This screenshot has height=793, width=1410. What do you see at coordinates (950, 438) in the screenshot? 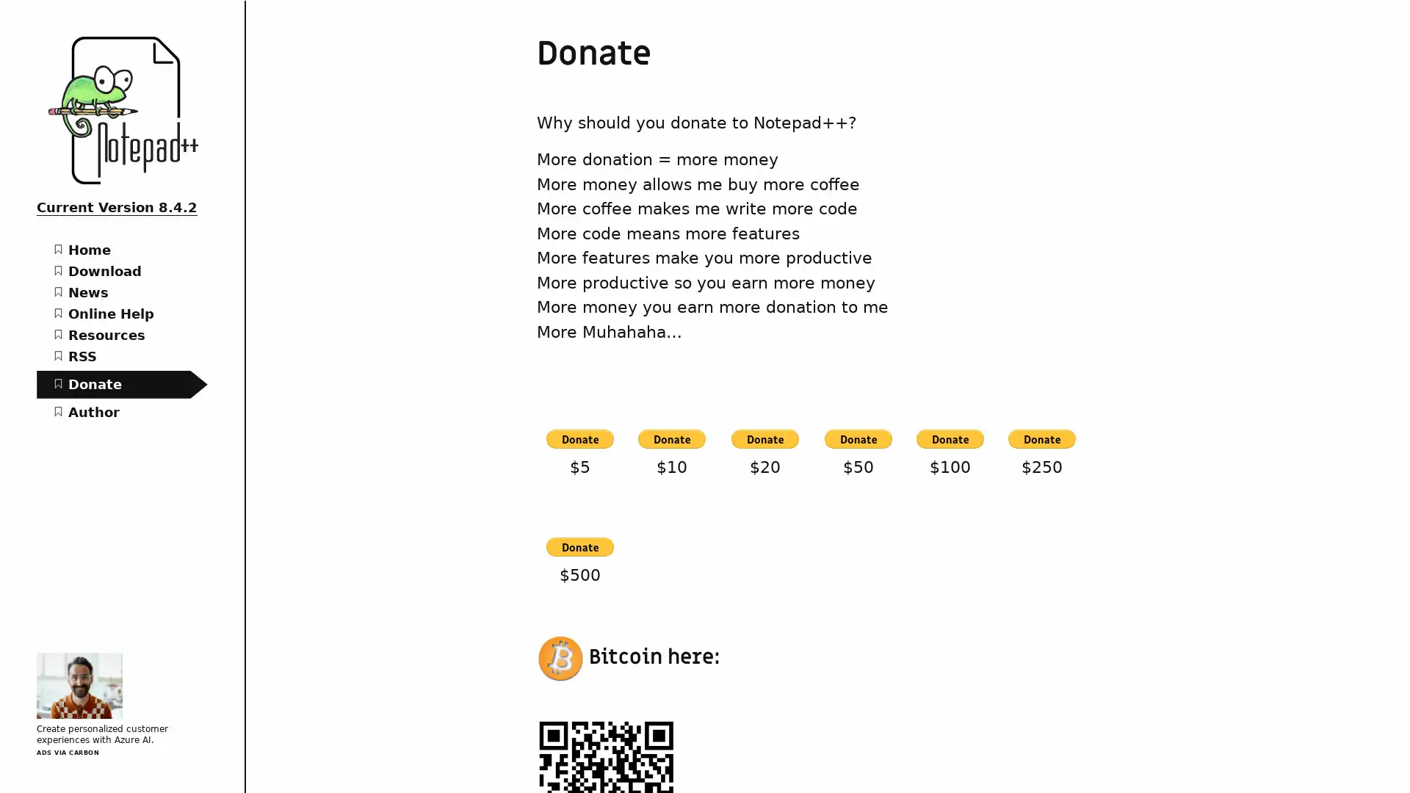
I see `PayPal - The safer, easier way to pay online!` at bounding box center [950, 438].